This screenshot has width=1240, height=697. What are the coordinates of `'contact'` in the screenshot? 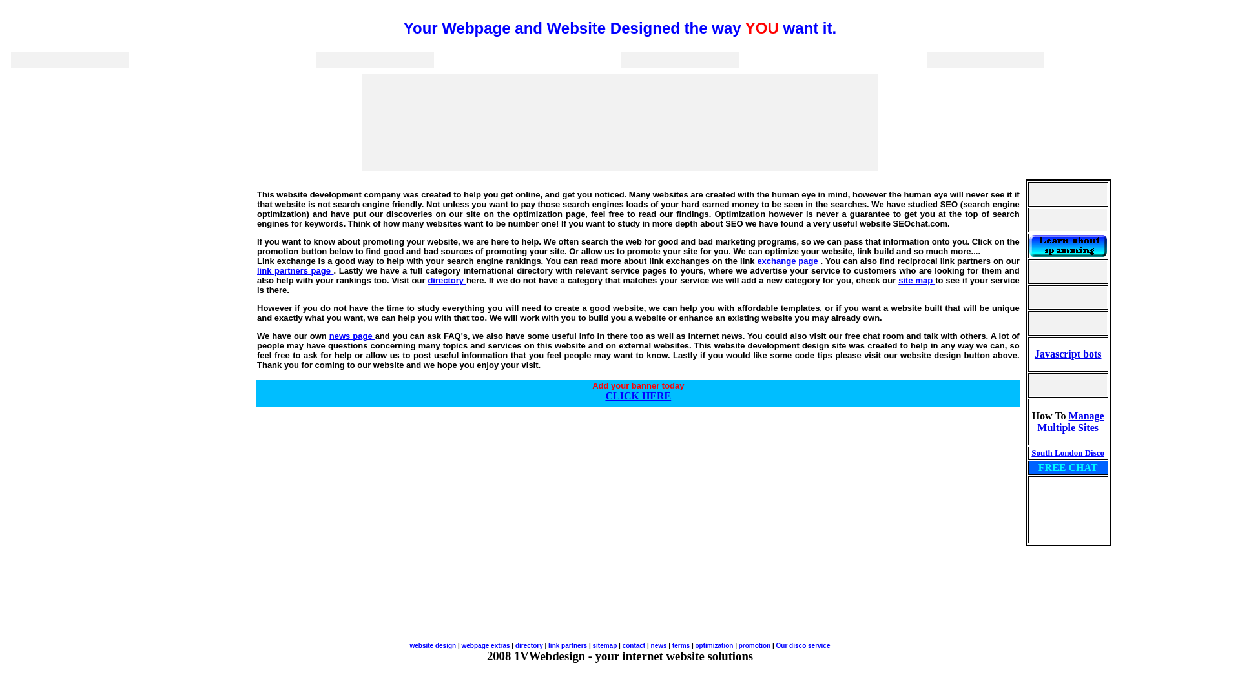 It's located at (635, 645).